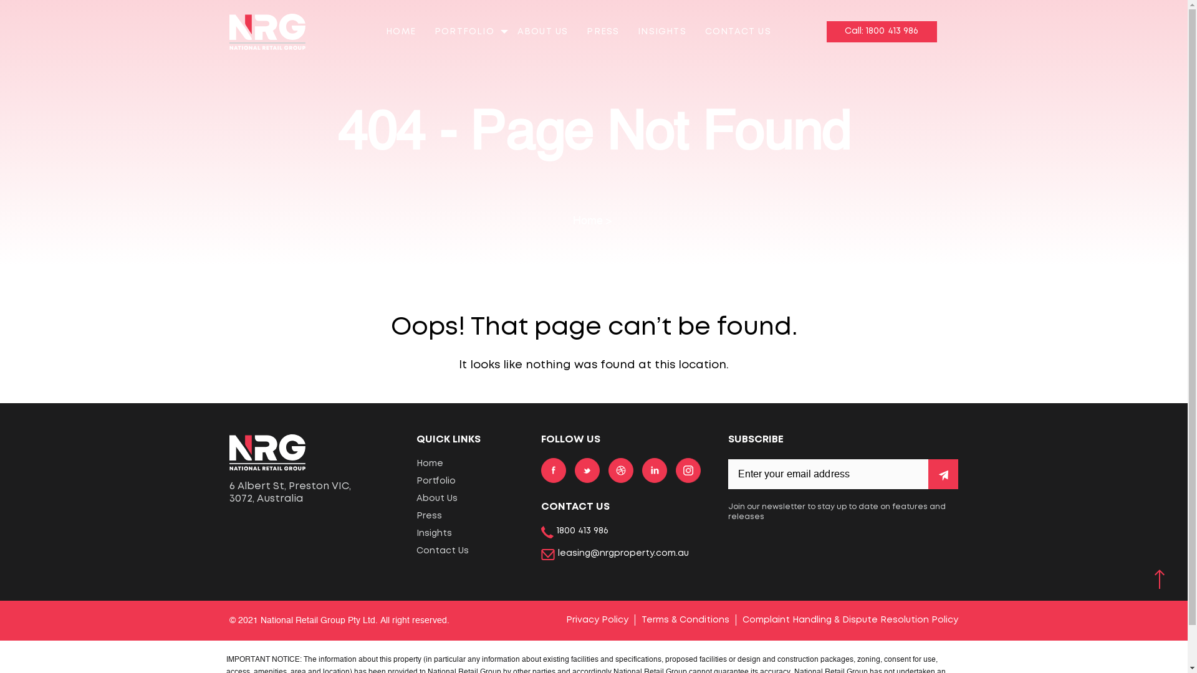 Image resolution: width=1197 pixels, height=673 pixels. What do you see at coordinates (602, 31) in the screenshot?
I see `'PRESS'` at bounding box center [602, 31].